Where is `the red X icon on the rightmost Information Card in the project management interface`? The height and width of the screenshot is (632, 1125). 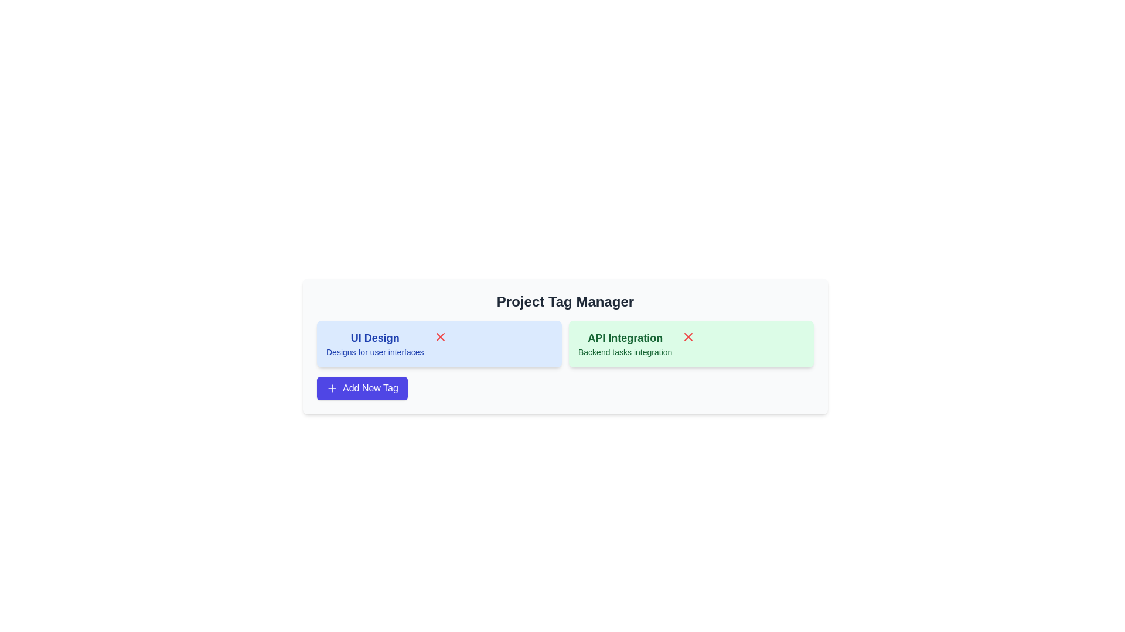 the red X icon on the rightmost Information Card in the project management interface is located at coordinates (691, 343).